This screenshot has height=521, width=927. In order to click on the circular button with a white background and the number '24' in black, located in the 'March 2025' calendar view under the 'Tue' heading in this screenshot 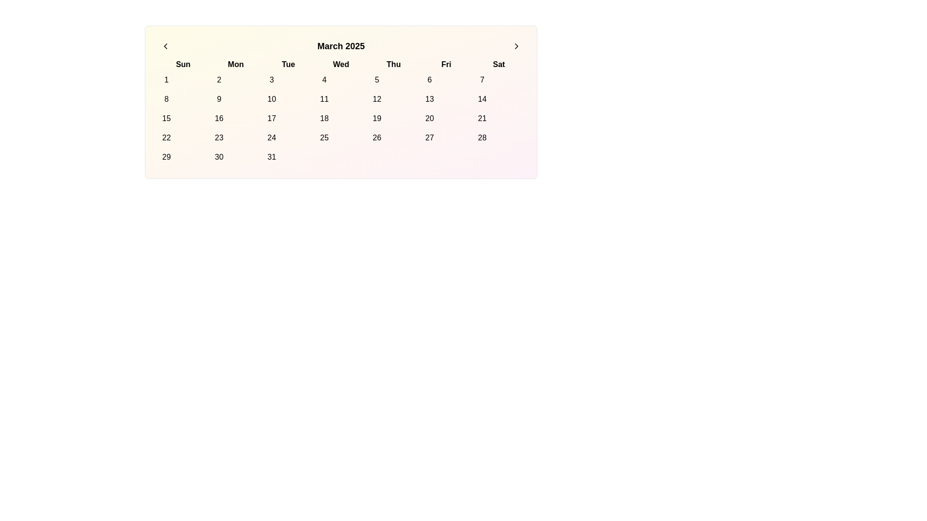, I will do `click(271, 137)`.